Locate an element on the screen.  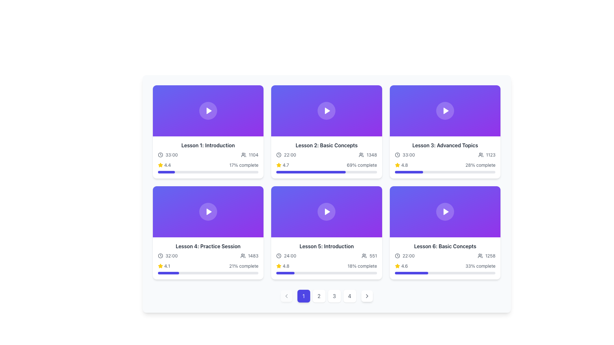
the star icon filled with yellow color that is part of the rating display for 'Lesson 3: Advanced Topics', located to the left of the numeric rating text '4.8' is located at coordinates (397, 165).